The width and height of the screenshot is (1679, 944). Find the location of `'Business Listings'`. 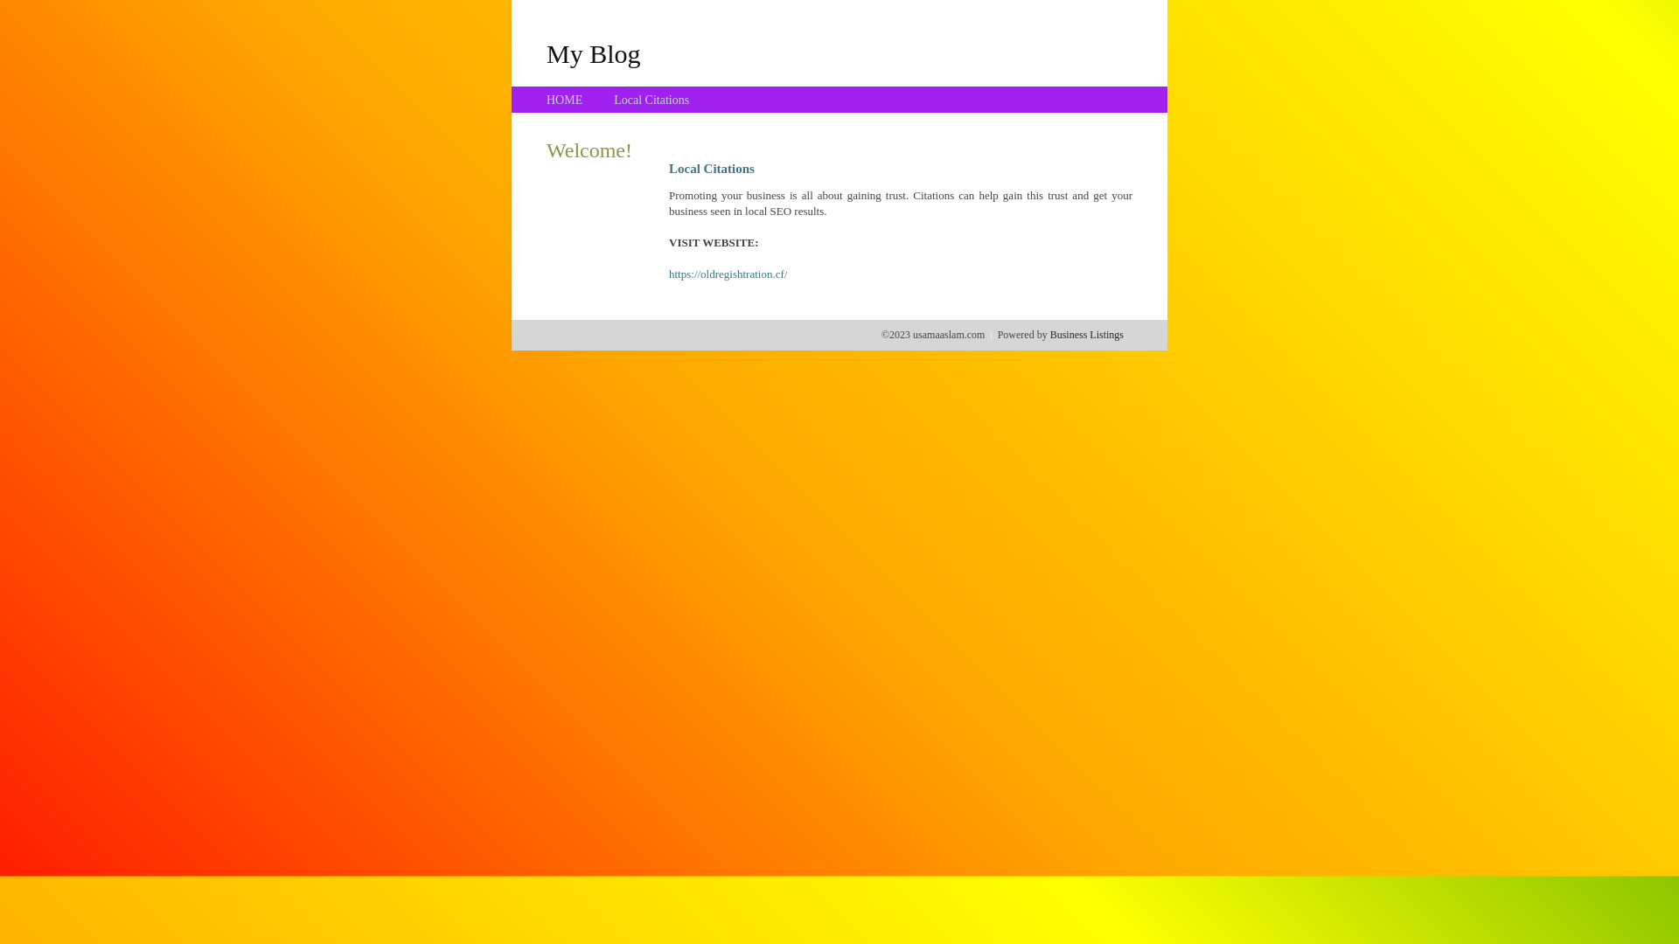

'Business Listings' is located at coordinates (1086, 334).